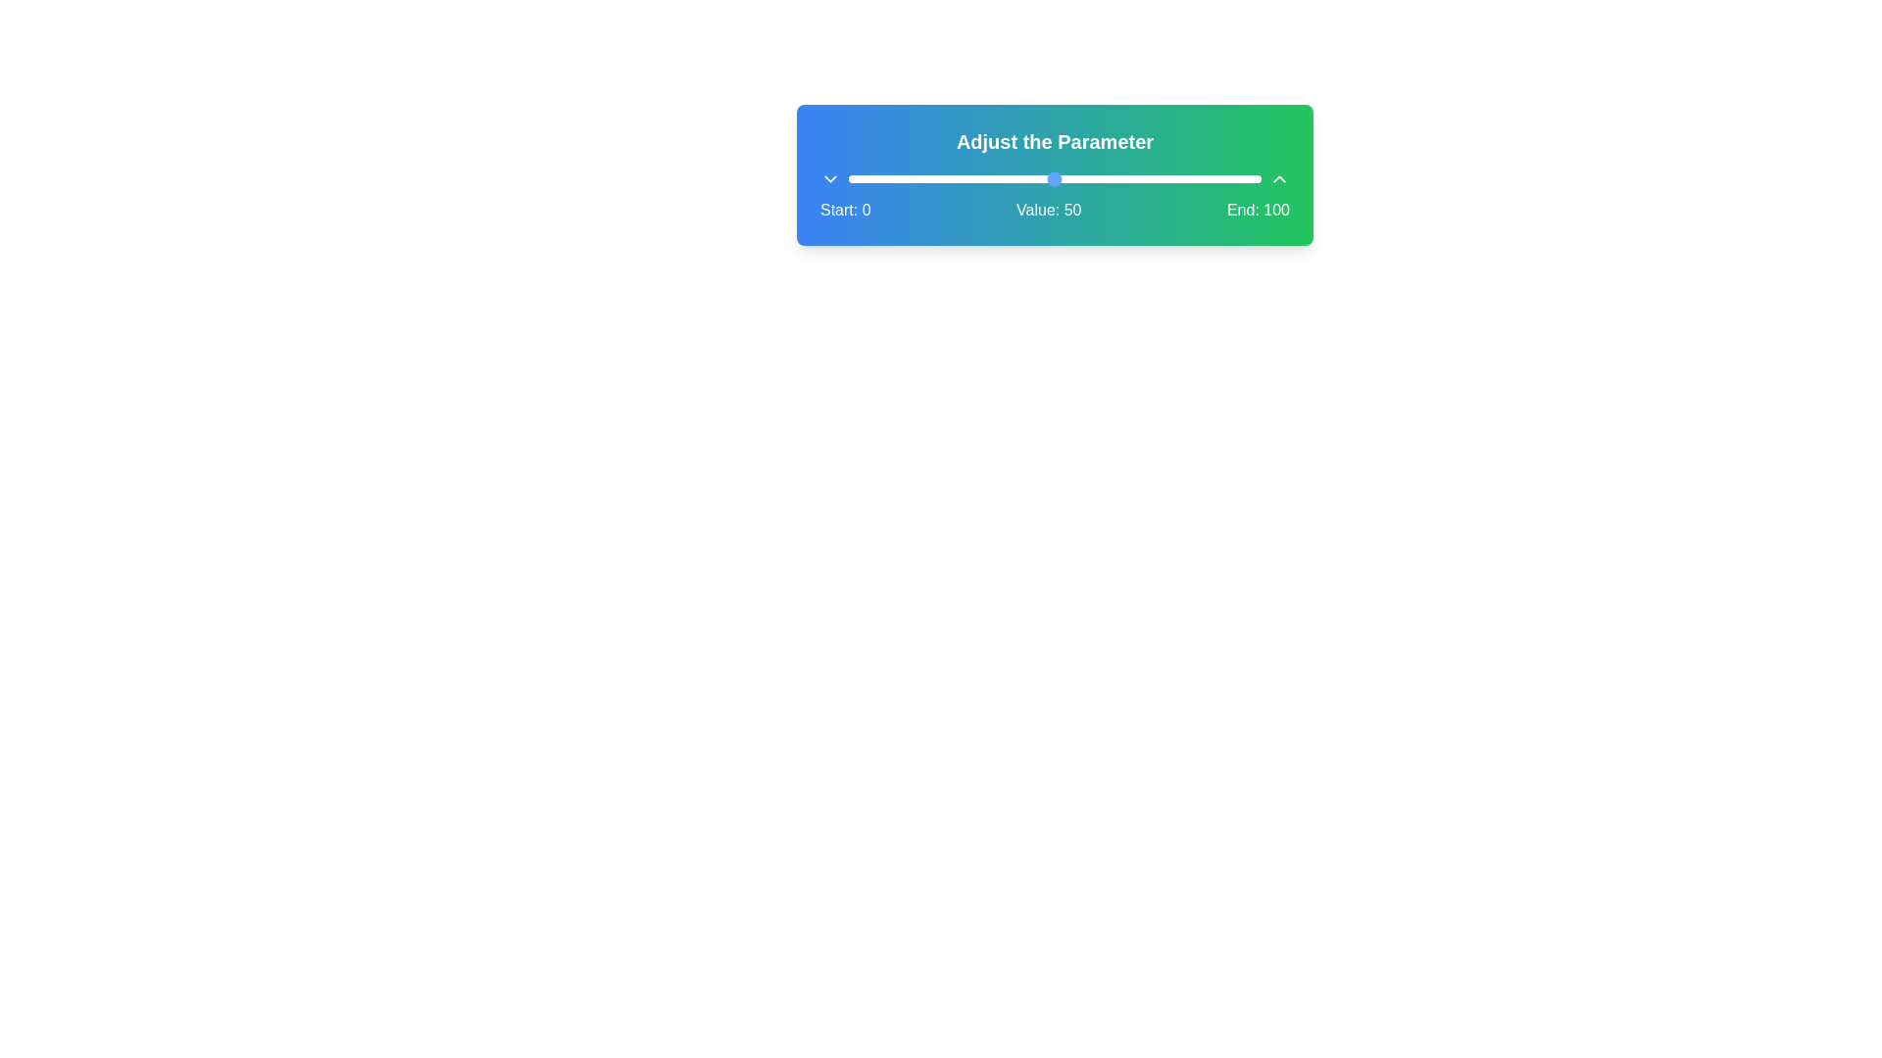 The height and width of the screenshot is (1058, 1882). Describe the element at coordinates (917, 178) in the screenshot. I see `the parameter` at that location.